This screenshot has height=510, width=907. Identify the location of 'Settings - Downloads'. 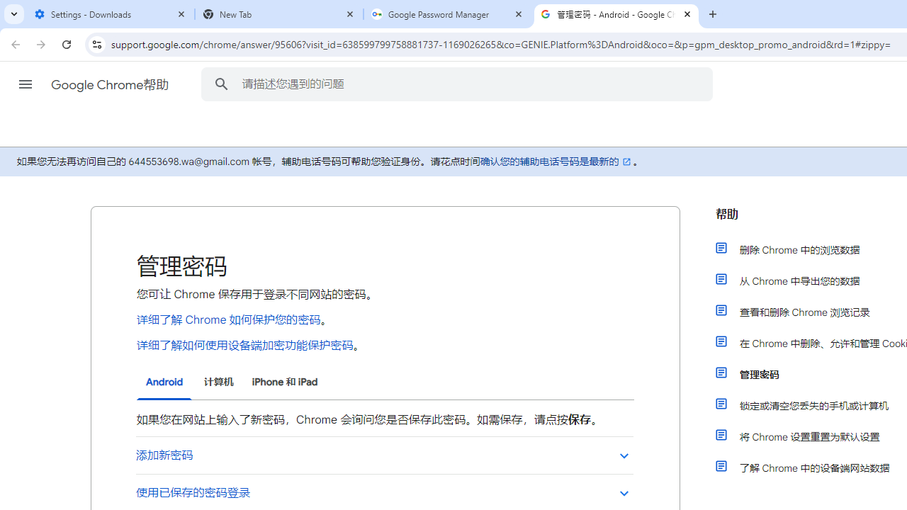
(110, 14).